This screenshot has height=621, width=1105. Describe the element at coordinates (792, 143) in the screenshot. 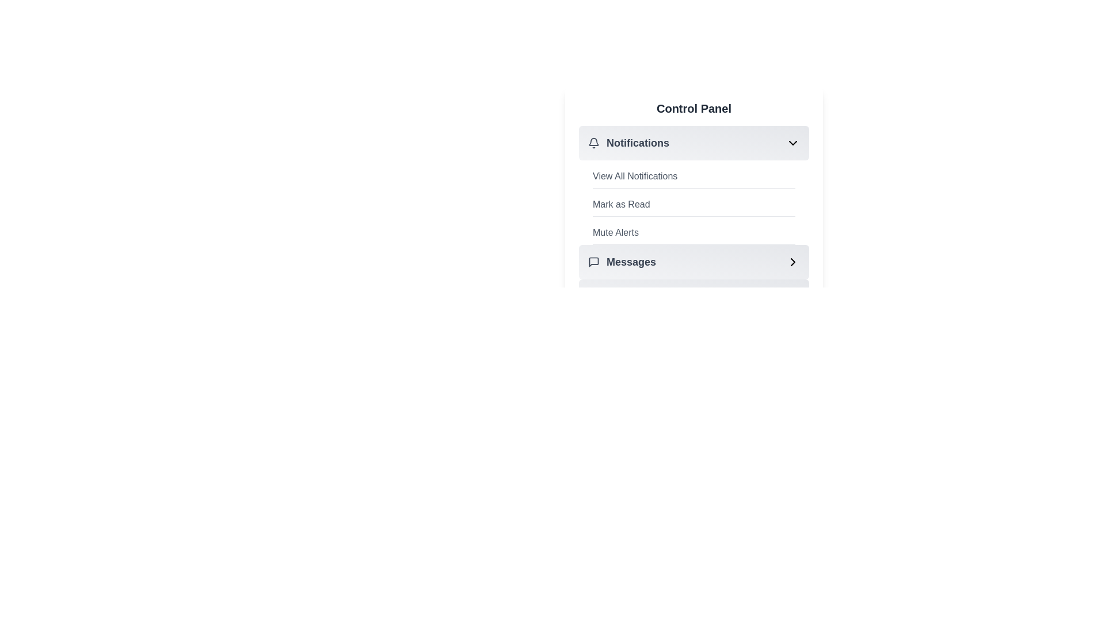

I see `the chevron-shaped icon pointing downwards located on the right side of the Notifications header` at that location.